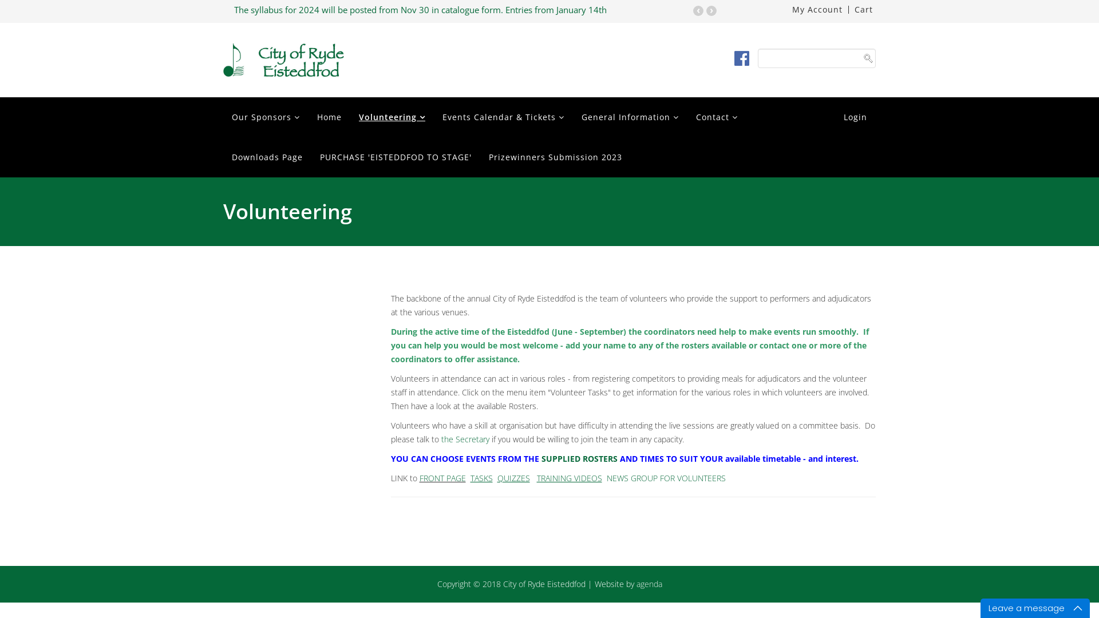 This screenshot has height=618, width=1099. I want to click on 'Cart', so click(848, 9).